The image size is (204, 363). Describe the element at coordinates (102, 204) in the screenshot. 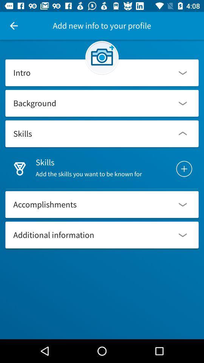

I see `the option accomplishments` at that location.